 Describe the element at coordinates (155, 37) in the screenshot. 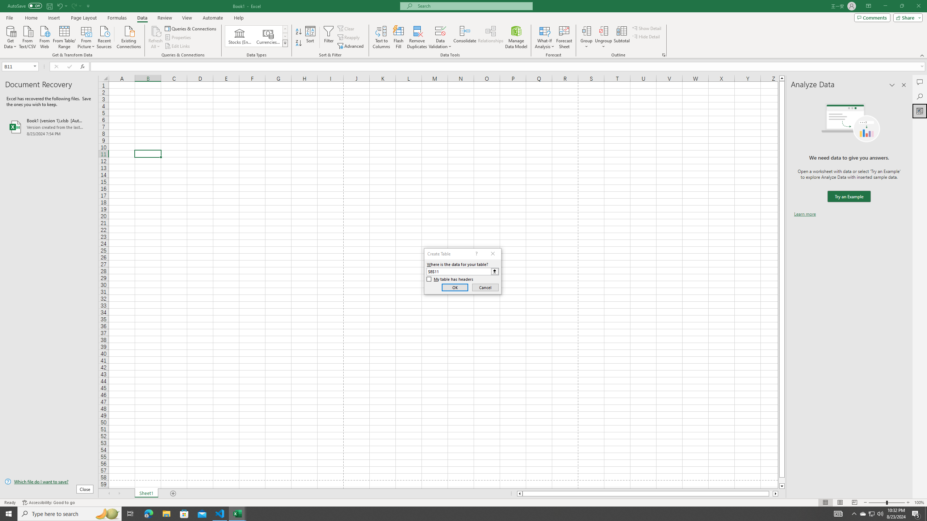

I see `'Refresh All'` at that location.